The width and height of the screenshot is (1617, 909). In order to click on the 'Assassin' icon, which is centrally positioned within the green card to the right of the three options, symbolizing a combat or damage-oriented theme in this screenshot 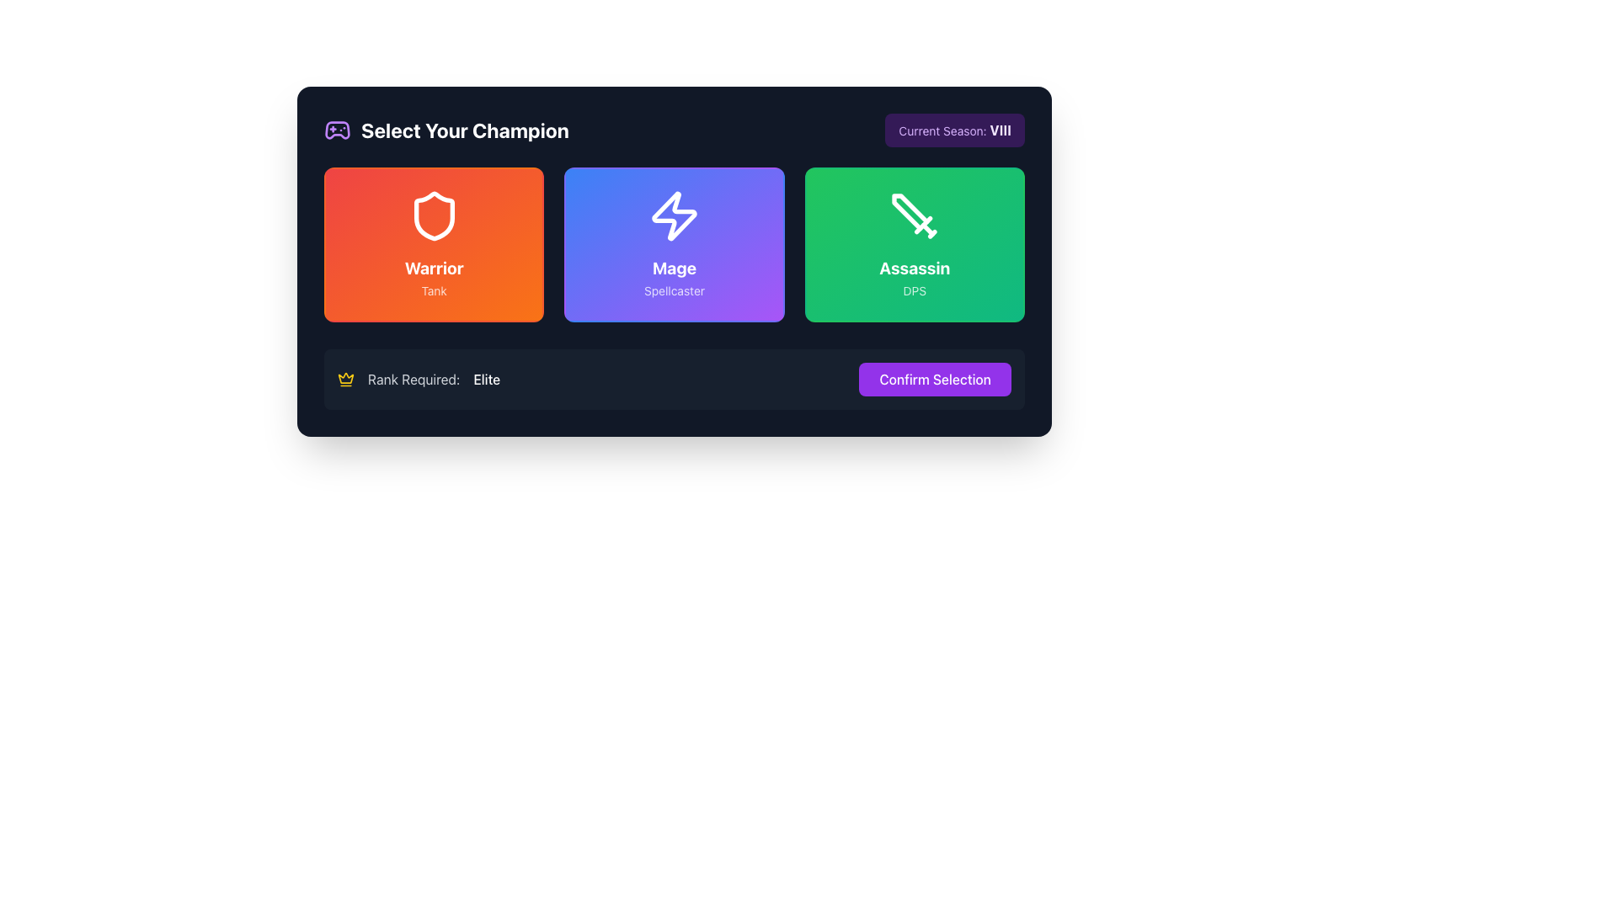, I will do `click(914, 215)`.